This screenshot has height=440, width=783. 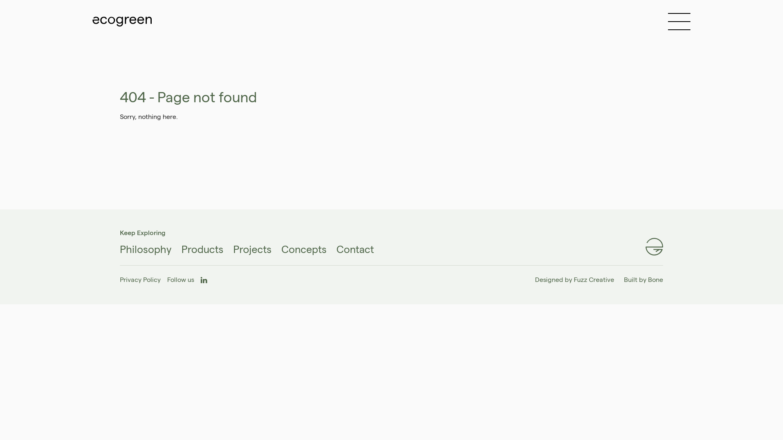 I want to click on 'Philosophy', so click(x=146, y=249).